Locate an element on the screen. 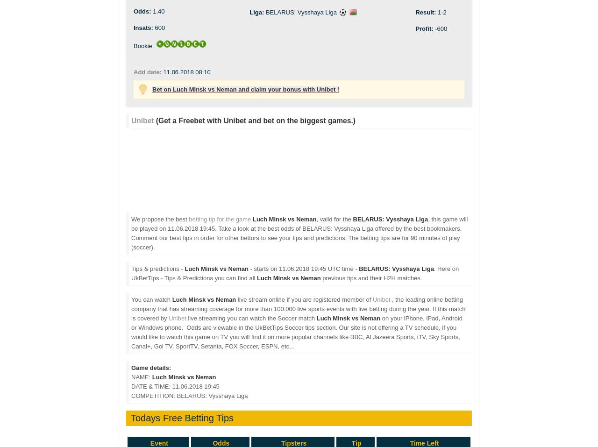 Image resolution: width=598 pixels, height=447 pixels. 'on your iPhone, iPad, Android or Windows phone.  Odds are viewable in the UkBetTips Soccer tips section. Our site is not offering a TV schedule, if you would like to watch this game on TV you will find it on more popular channels like BBC, Al Jazeera Sports, iTV, Sky Sports, Canal+, Gol TV, SportTV, Setanta, FOX Soccer, ESPN, etc...' is located at coordinates (130, 332).